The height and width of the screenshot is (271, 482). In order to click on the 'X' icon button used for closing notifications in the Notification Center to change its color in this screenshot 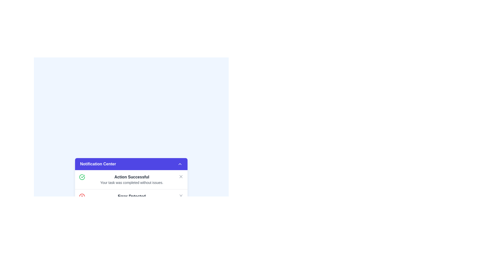, I will do `click(181, 176)`.